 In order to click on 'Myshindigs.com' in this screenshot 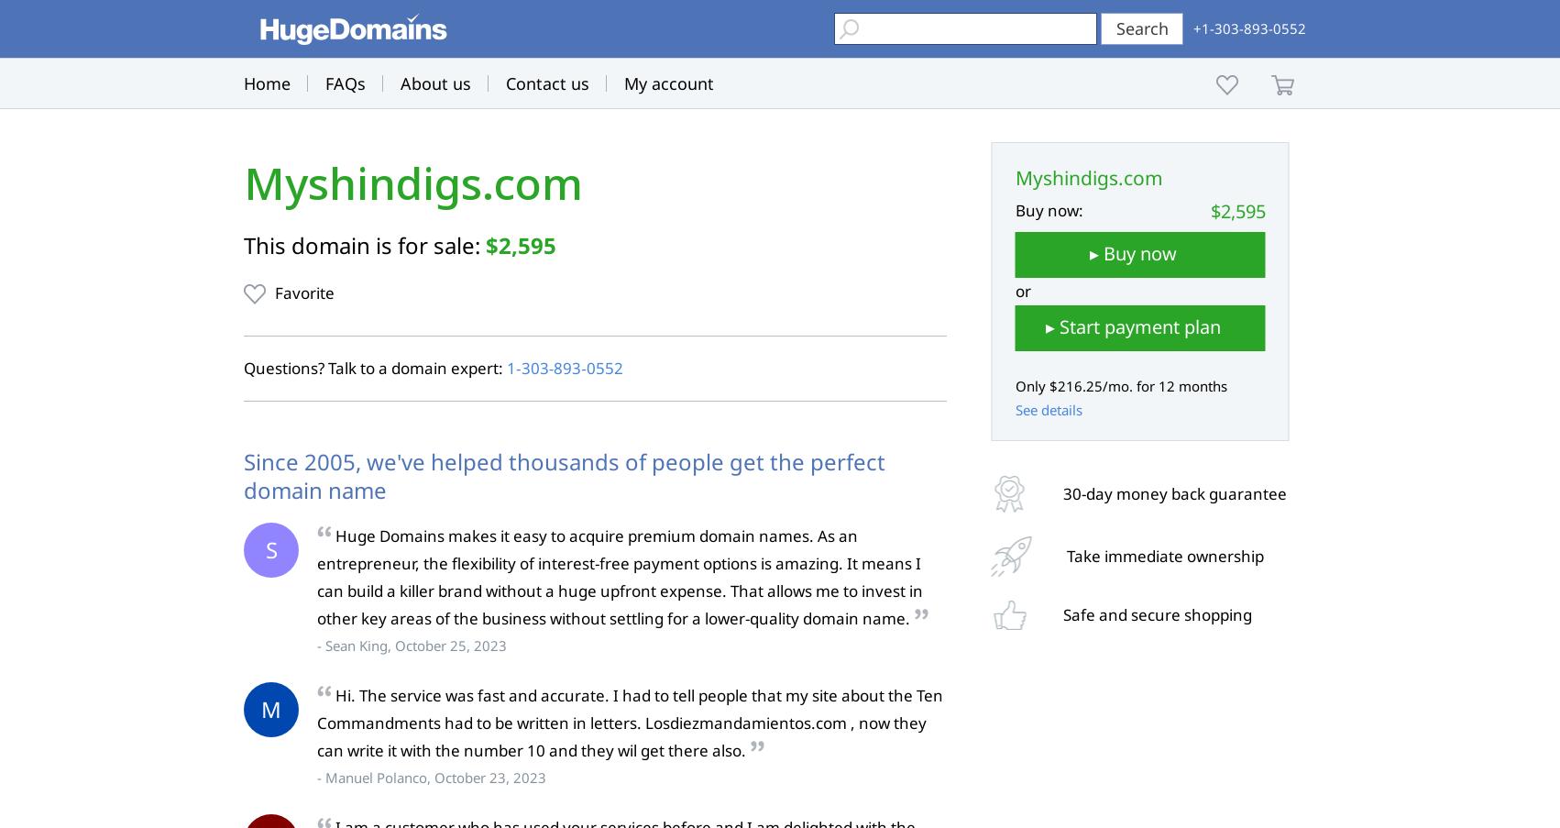, I will do `click(412, 183)`.